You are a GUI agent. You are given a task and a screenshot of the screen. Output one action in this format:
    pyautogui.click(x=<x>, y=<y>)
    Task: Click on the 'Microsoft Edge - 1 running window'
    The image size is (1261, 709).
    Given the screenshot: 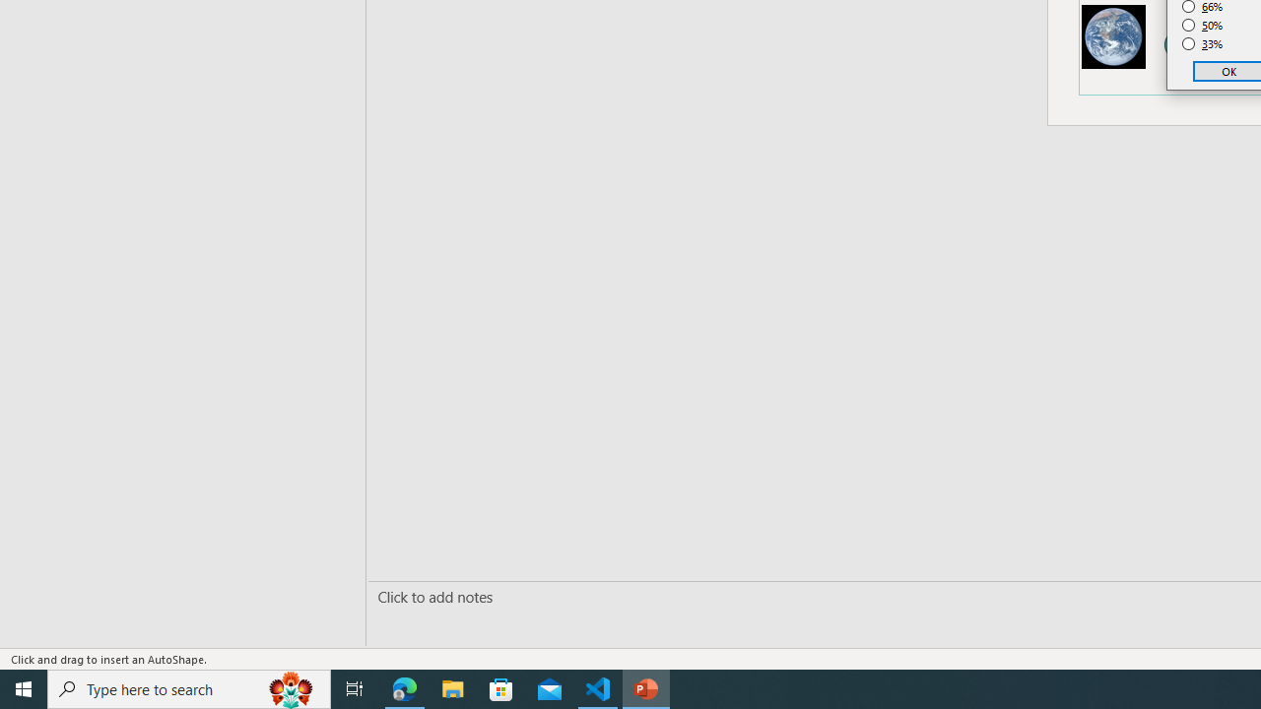 What is the action you would take?
    pyautogui.click(x=404, y=687)
    